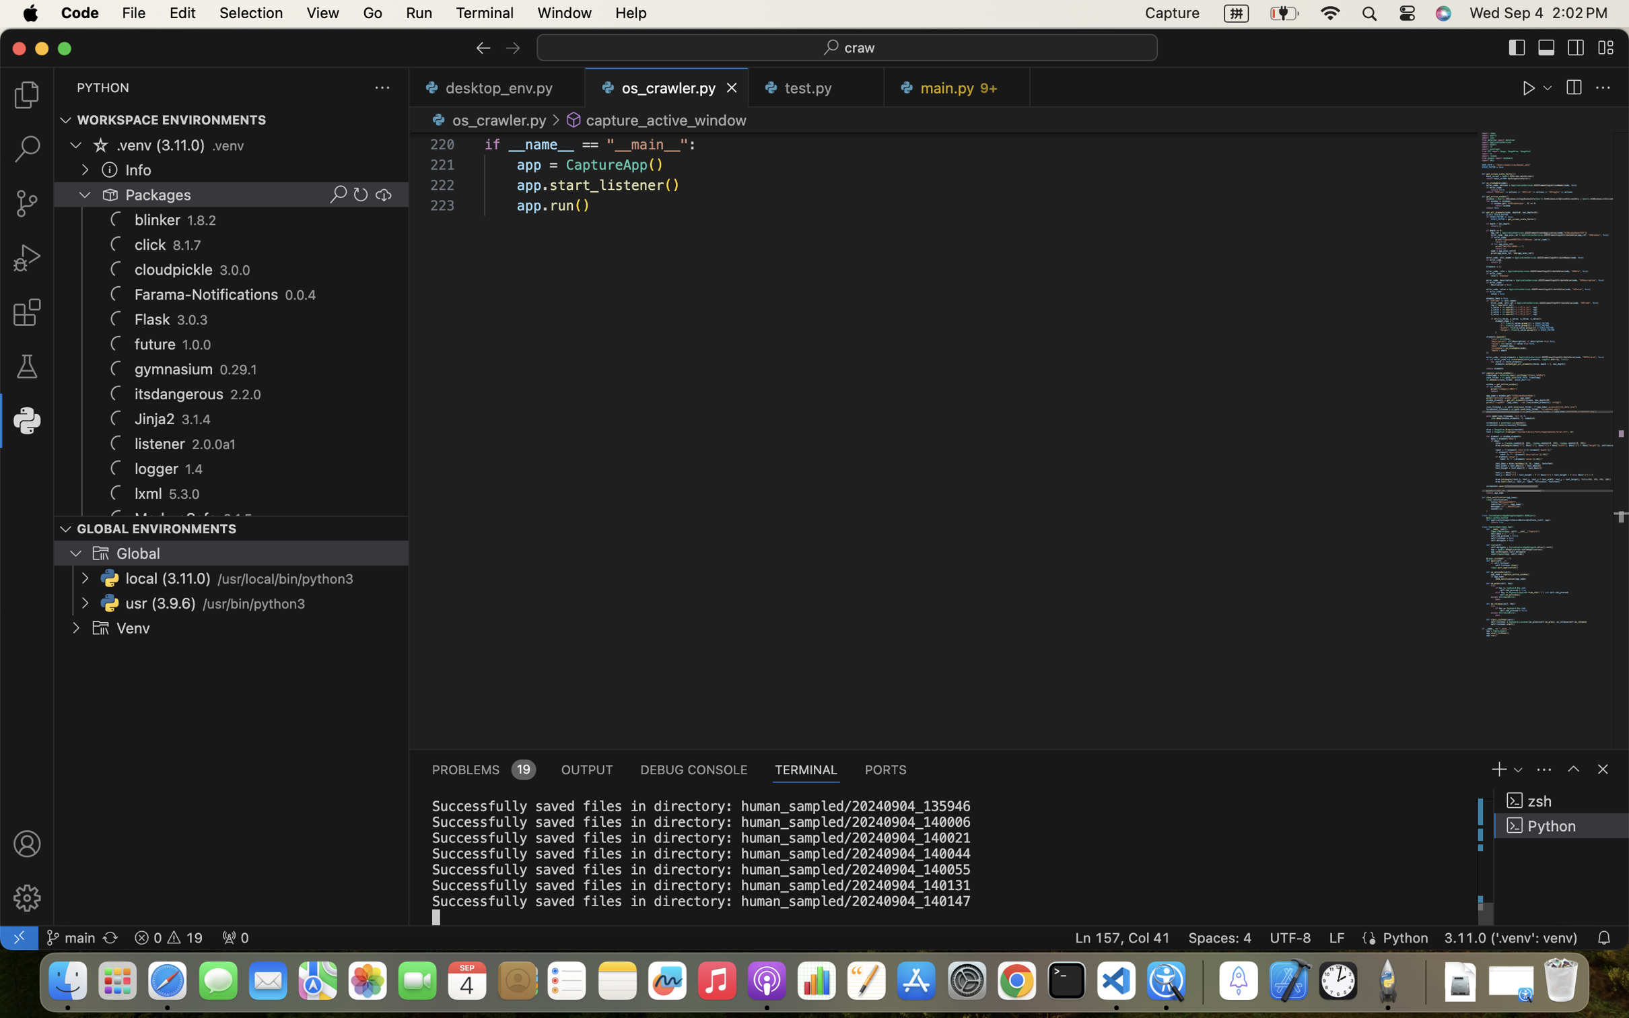 This screenshot has height=1018, width=1629. Describe the element at coordinates (168, 578) in the screenshot. I see `'local (3.11.0)'` at that location.